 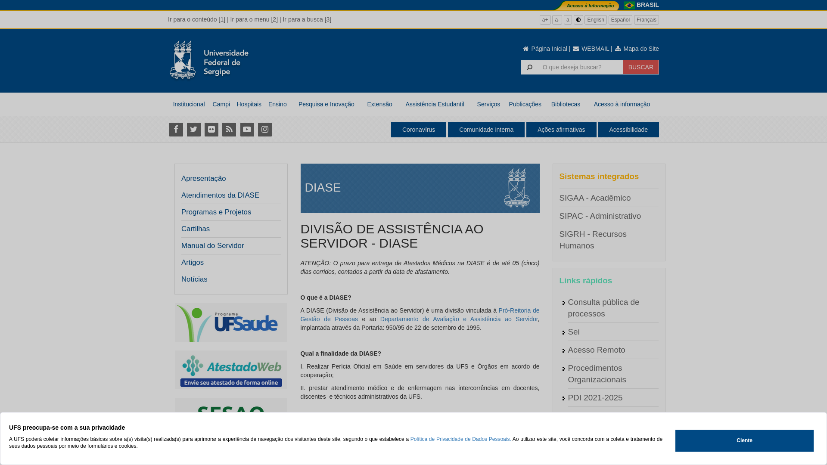 I want to click on 'SIPAC - Administrativo', so click(x=559, y=215).